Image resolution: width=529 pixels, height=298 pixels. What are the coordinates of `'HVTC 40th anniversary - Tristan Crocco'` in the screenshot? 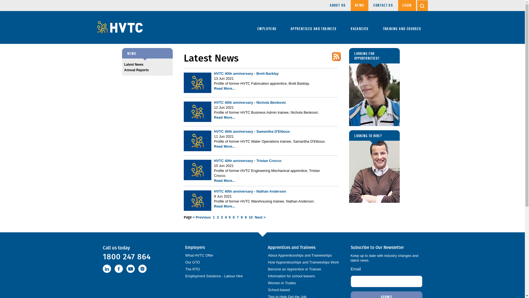 It's located at (247, 161).